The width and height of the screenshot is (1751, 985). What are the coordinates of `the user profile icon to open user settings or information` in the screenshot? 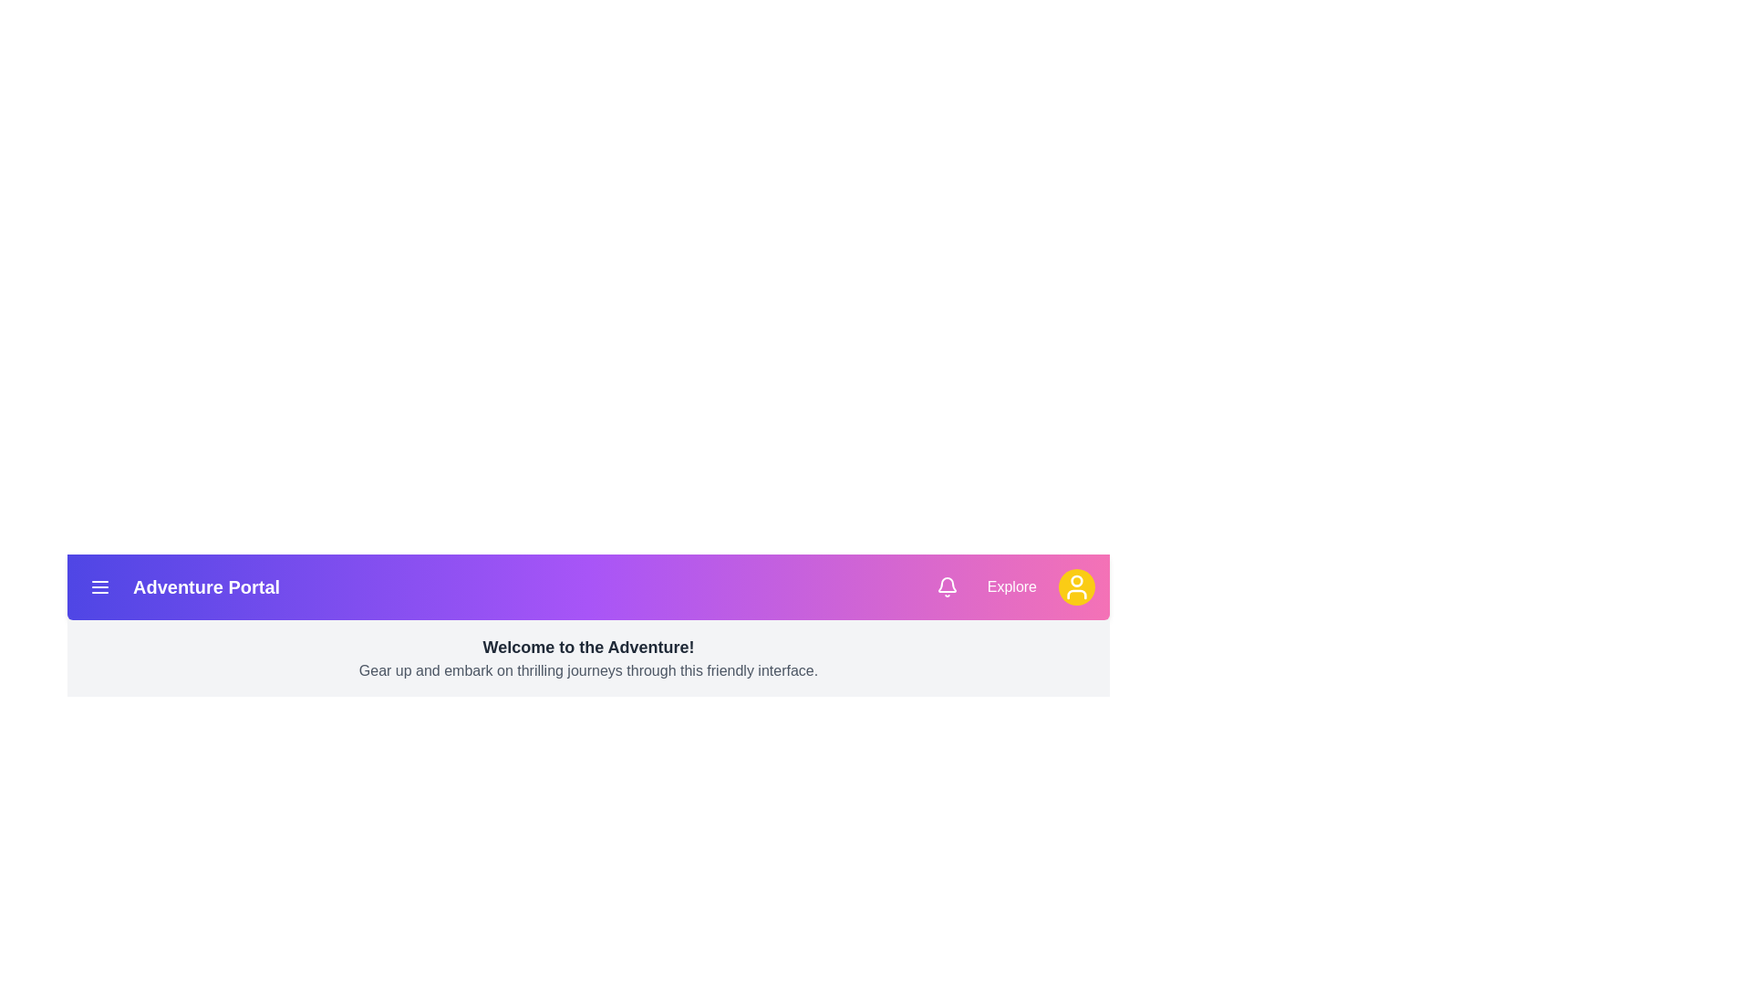 It's located at (1076, 587).